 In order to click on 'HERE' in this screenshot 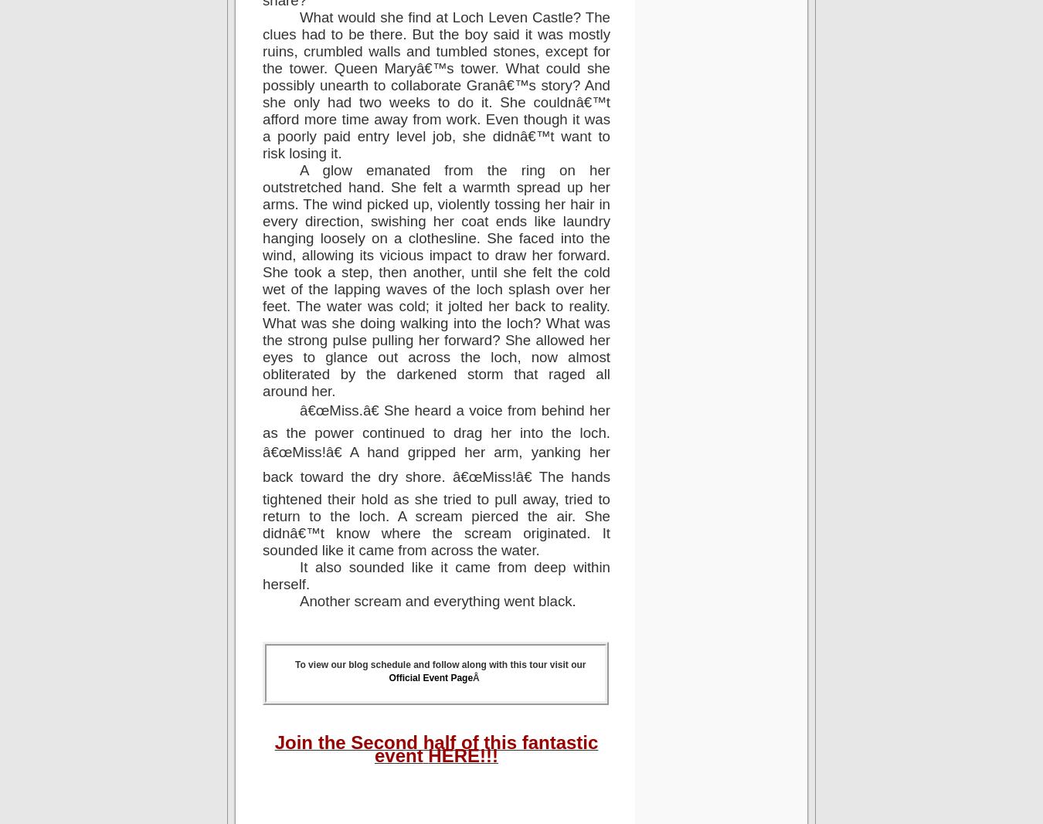, I will do `click(454, 754)`.